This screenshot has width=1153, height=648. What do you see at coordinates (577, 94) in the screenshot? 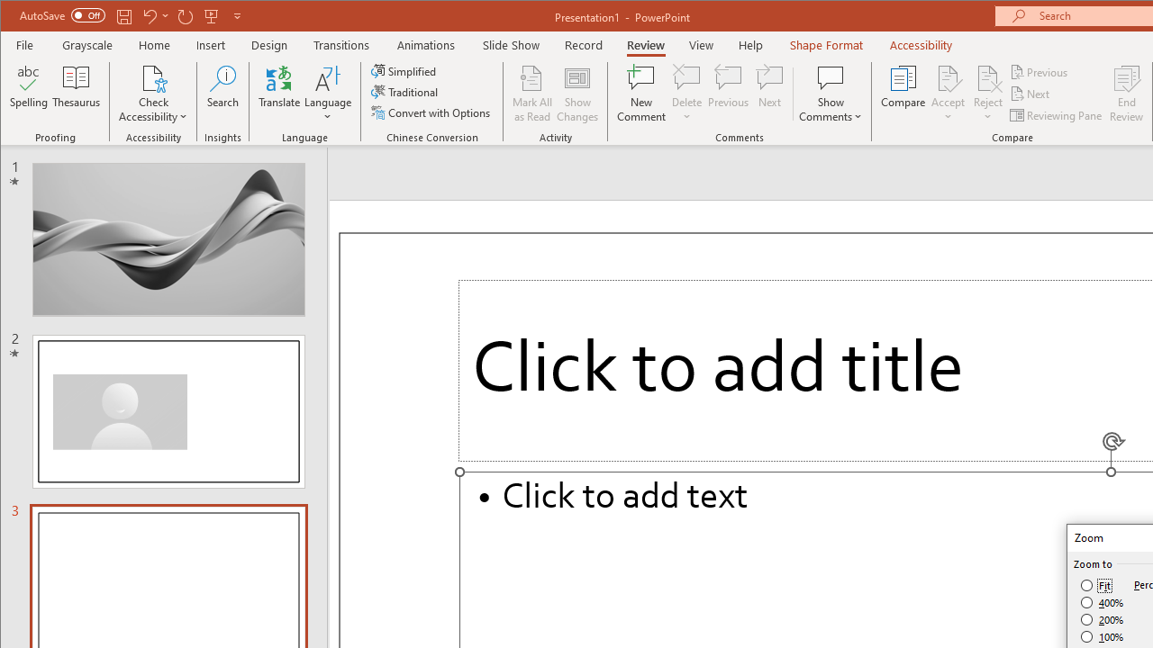
I see `'Show Changes'` at bounding box center [577, 94].